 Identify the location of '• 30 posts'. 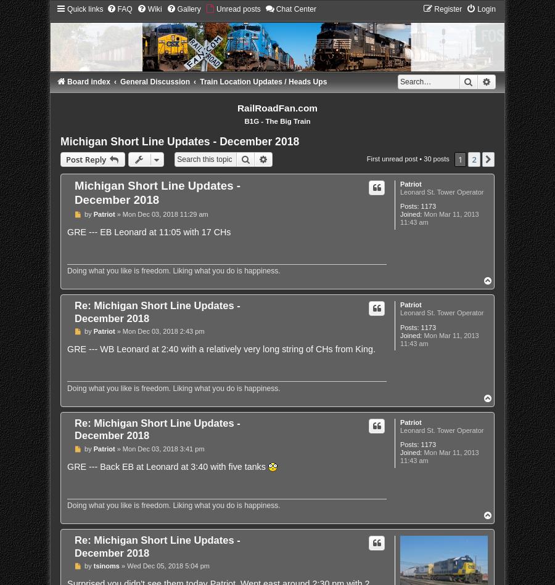
(433, 157).